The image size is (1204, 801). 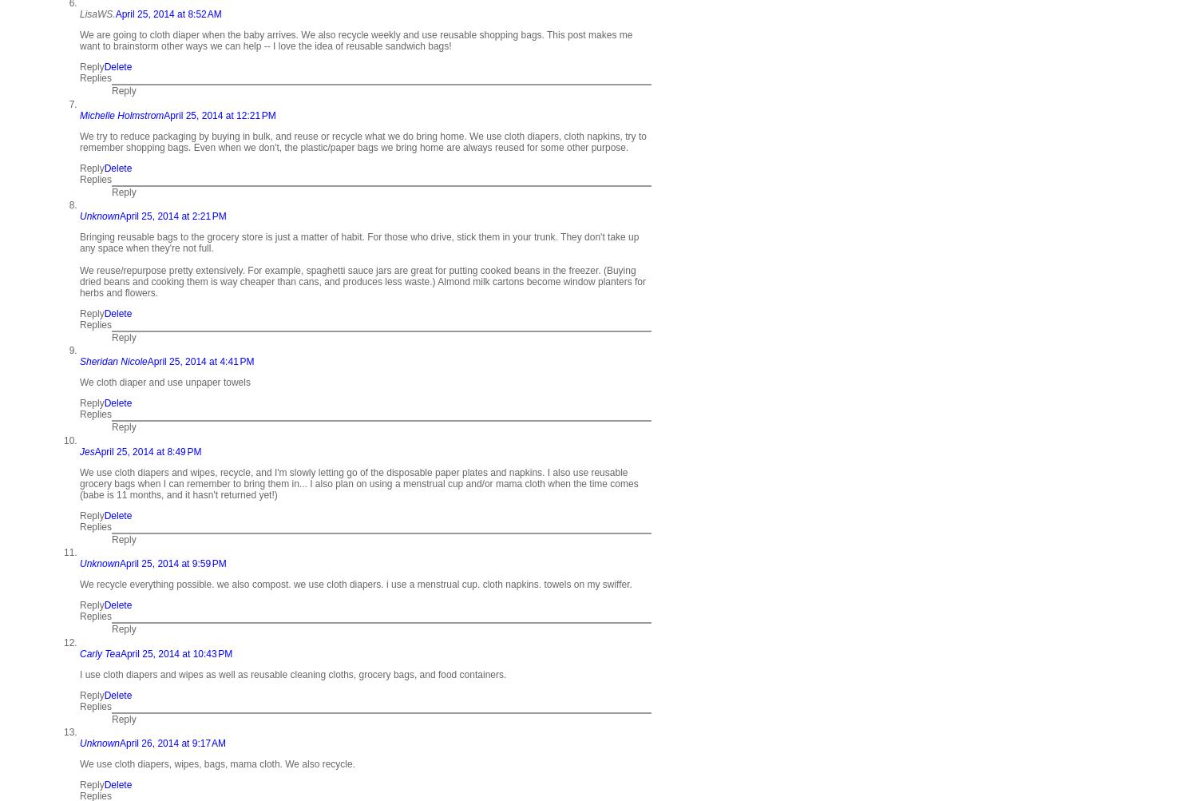 What do you see at coordinates (121, 114) in the screenshot?
I see `'Michelle Holmstrom'` at bounding box center [121, 114].